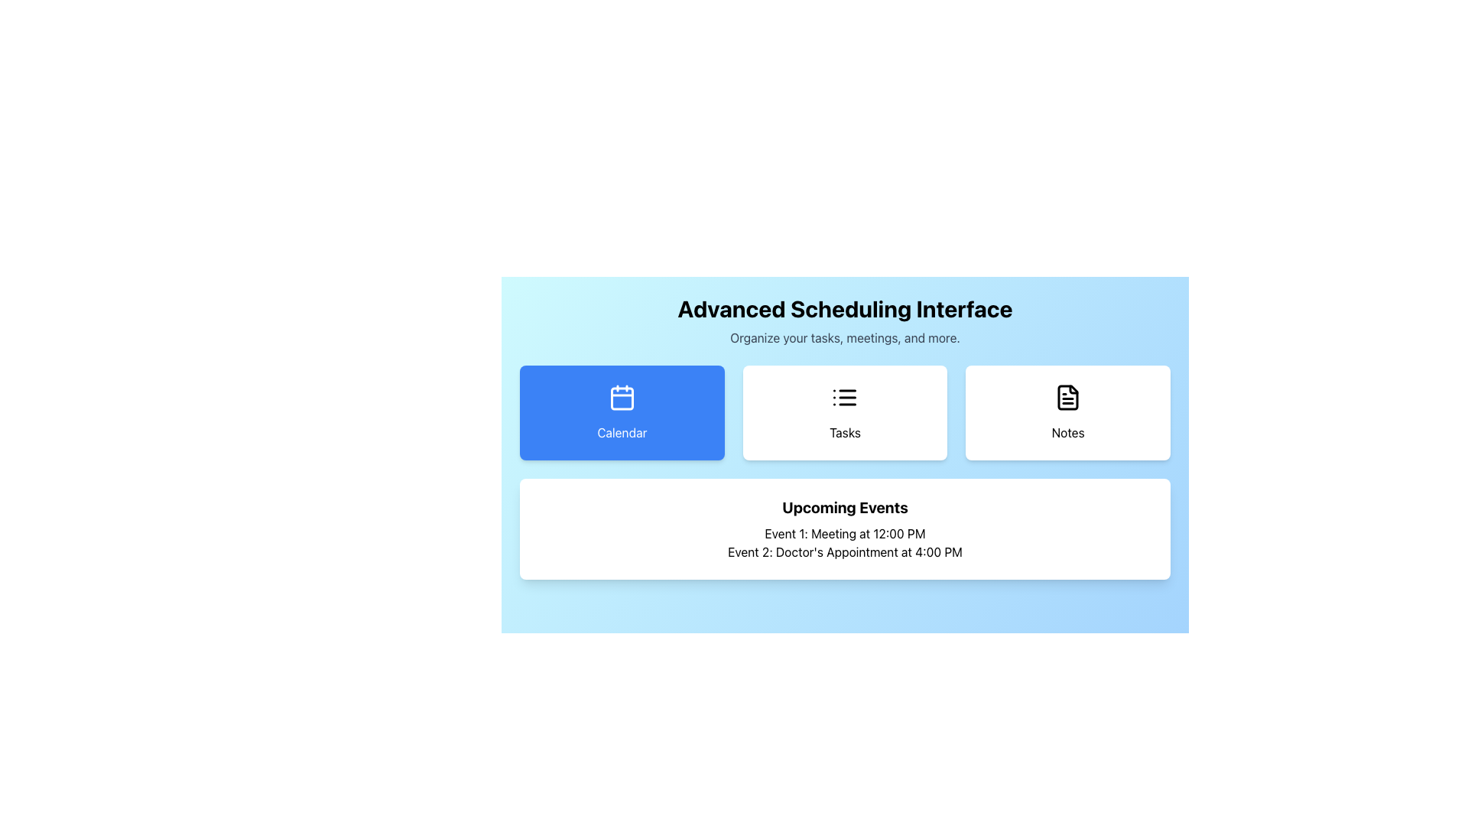 The image size is (1468, 826). Describe the element at coordinates (844, 397) in the screenshot. I see `the list icon with three horizontal lines located above the 'Tasks' text in the center of the white card` at that location.